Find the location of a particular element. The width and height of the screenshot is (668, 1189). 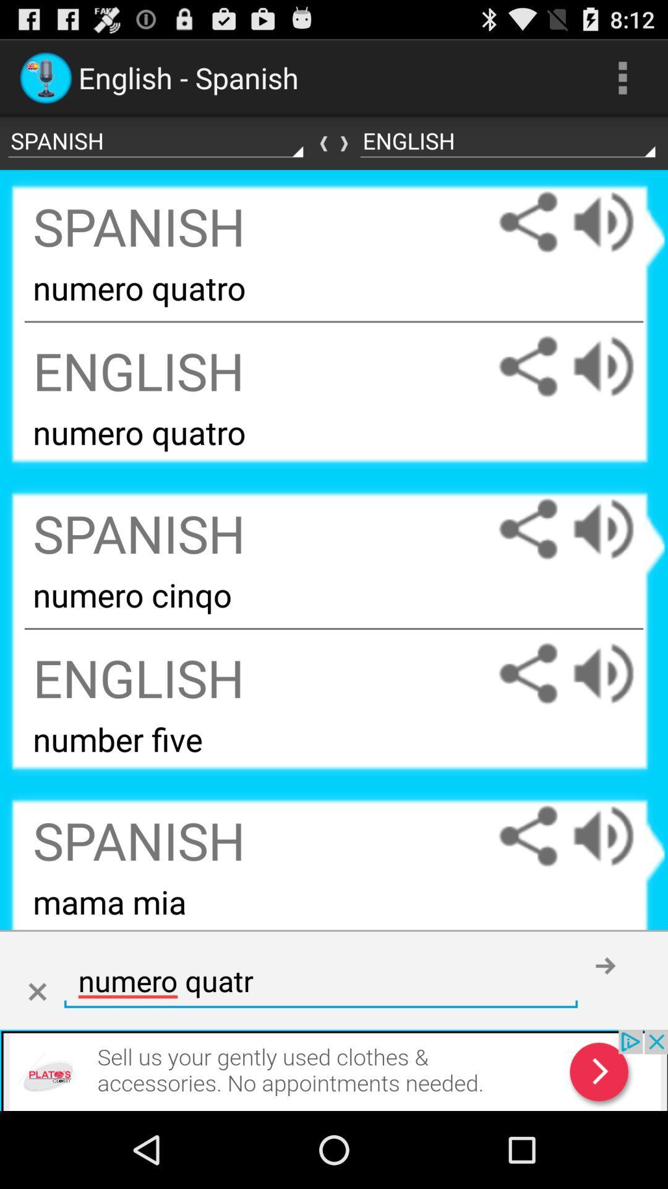

spanish pronunciation out loud is located at coordinates (615, 222).